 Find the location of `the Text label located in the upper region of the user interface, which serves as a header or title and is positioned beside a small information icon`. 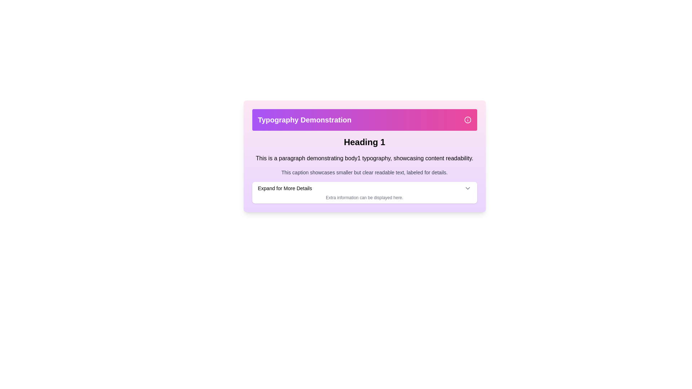

the Text label located in the upper region of the user interface, which serves as a header or title and is positioned beside a small information icon is located at coordinates (305, 119).